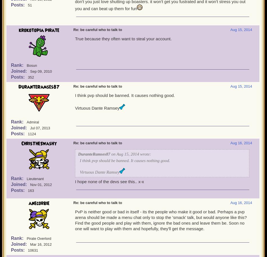 The width and height of the screenshot is (267, 257). I want to click on 'Sep 09, 2010', so click(41, 71).